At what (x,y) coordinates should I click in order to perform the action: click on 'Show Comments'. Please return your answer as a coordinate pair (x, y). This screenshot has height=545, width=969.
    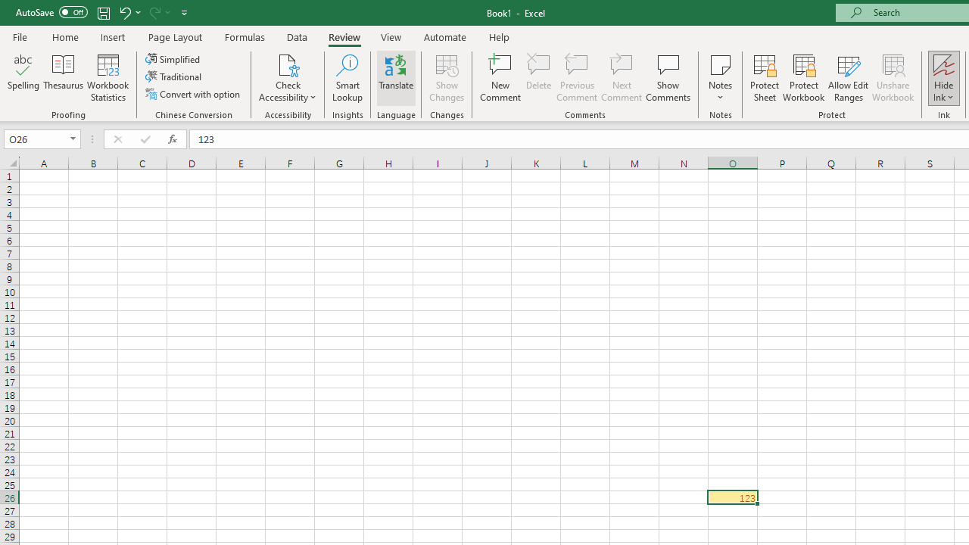
    Looking at the image, I should click on (668, 78).